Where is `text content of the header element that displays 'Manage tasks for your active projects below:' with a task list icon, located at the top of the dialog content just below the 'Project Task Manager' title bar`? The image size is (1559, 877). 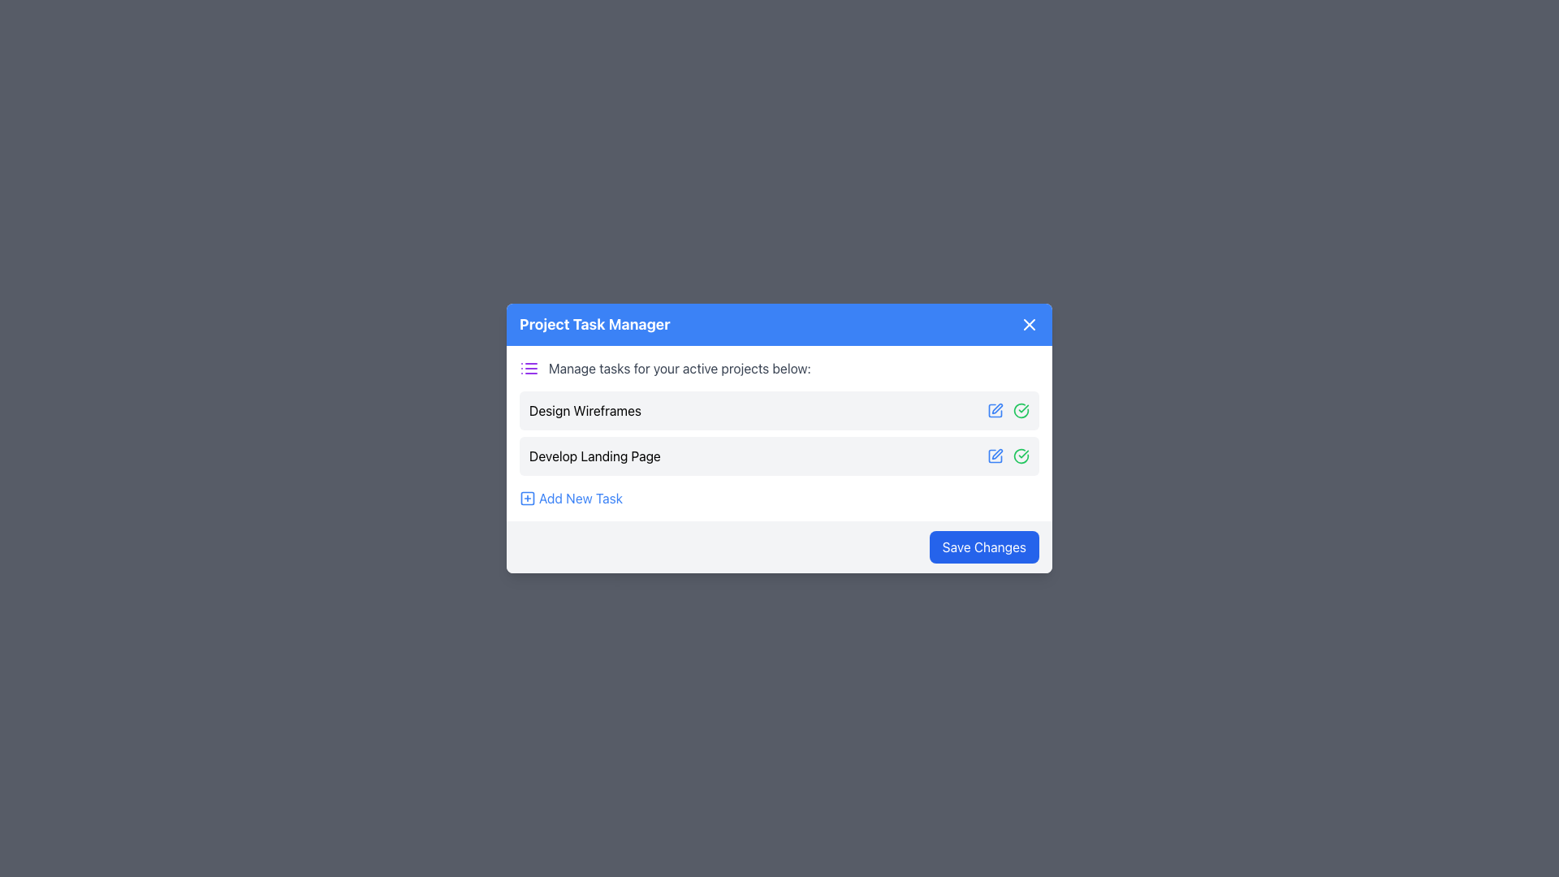 text content of the header element that displays 'Manage tasks for your active projects below:' with a task list icon, located at the top of the dialog content just below the 'Project Task Manager' title bar is located at coordinates (779, 369).